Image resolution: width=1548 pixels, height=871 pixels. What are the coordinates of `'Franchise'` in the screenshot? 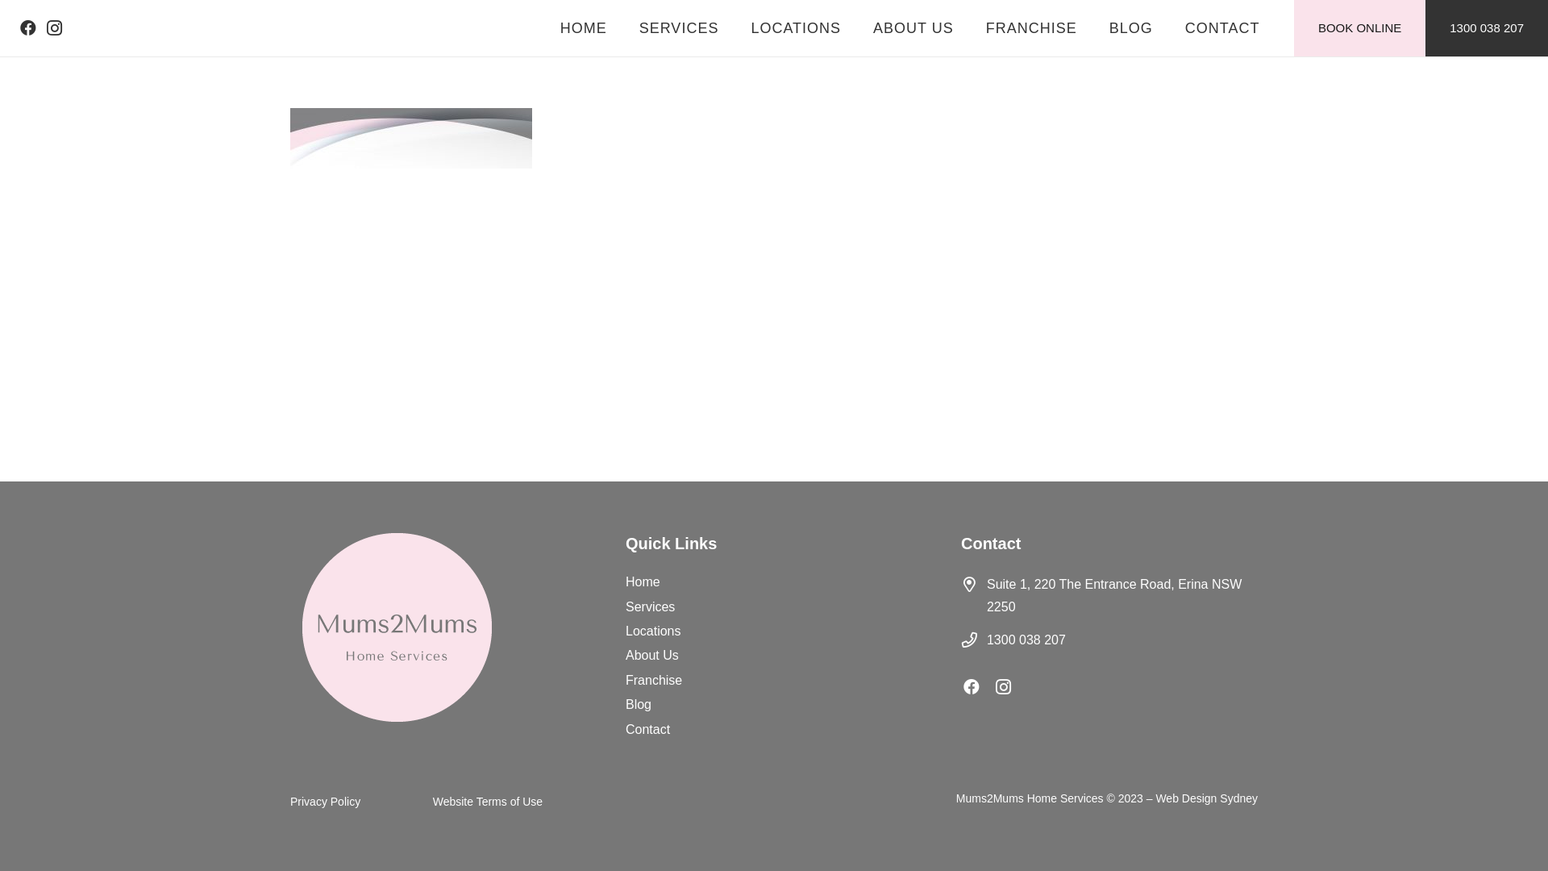 It's located at (625, 680).